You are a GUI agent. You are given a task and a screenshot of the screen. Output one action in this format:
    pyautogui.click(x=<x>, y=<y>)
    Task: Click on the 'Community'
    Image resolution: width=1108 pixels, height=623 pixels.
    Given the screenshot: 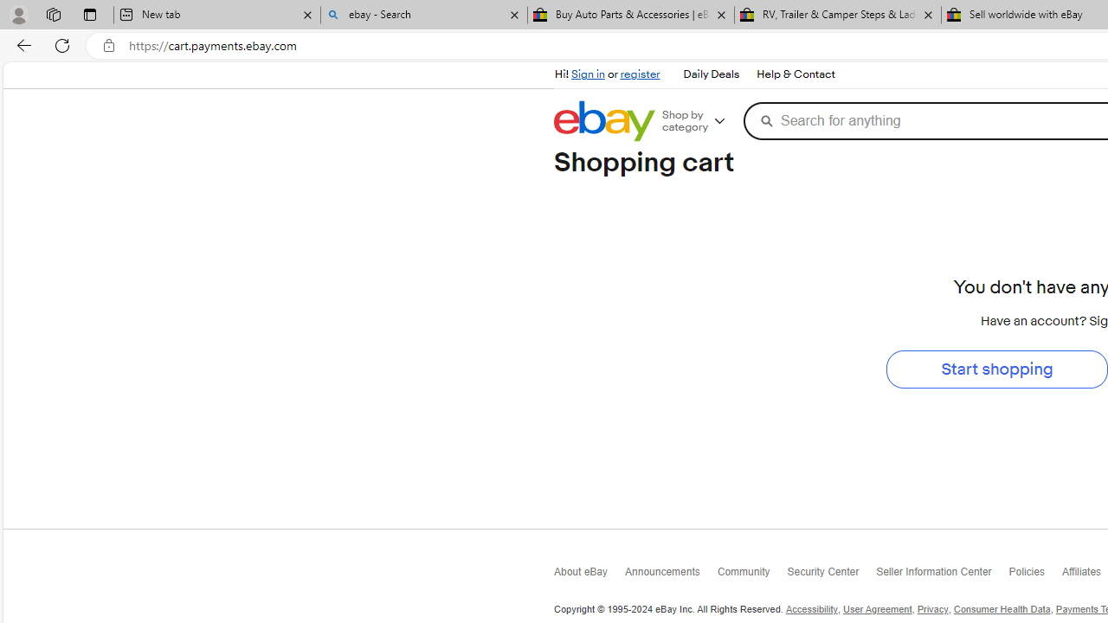 What is the action you would take?
    pyautogui.click(x=752, y=575)
    